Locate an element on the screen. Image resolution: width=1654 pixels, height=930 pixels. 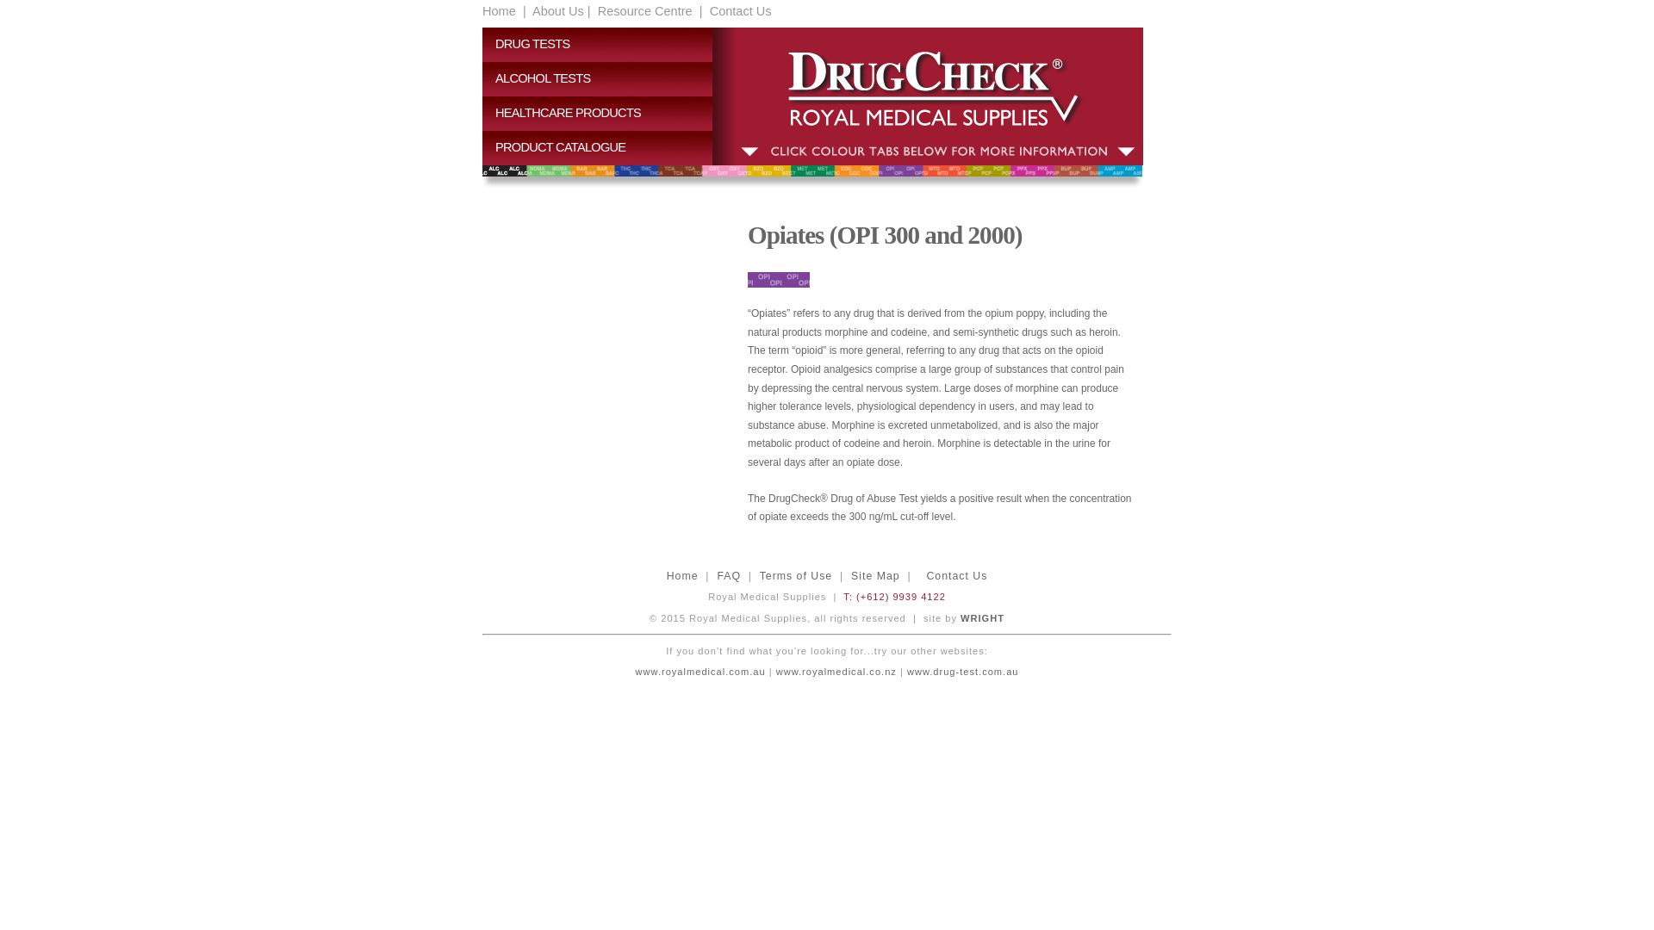
'Site Map' is located at coordinates (875, 575).